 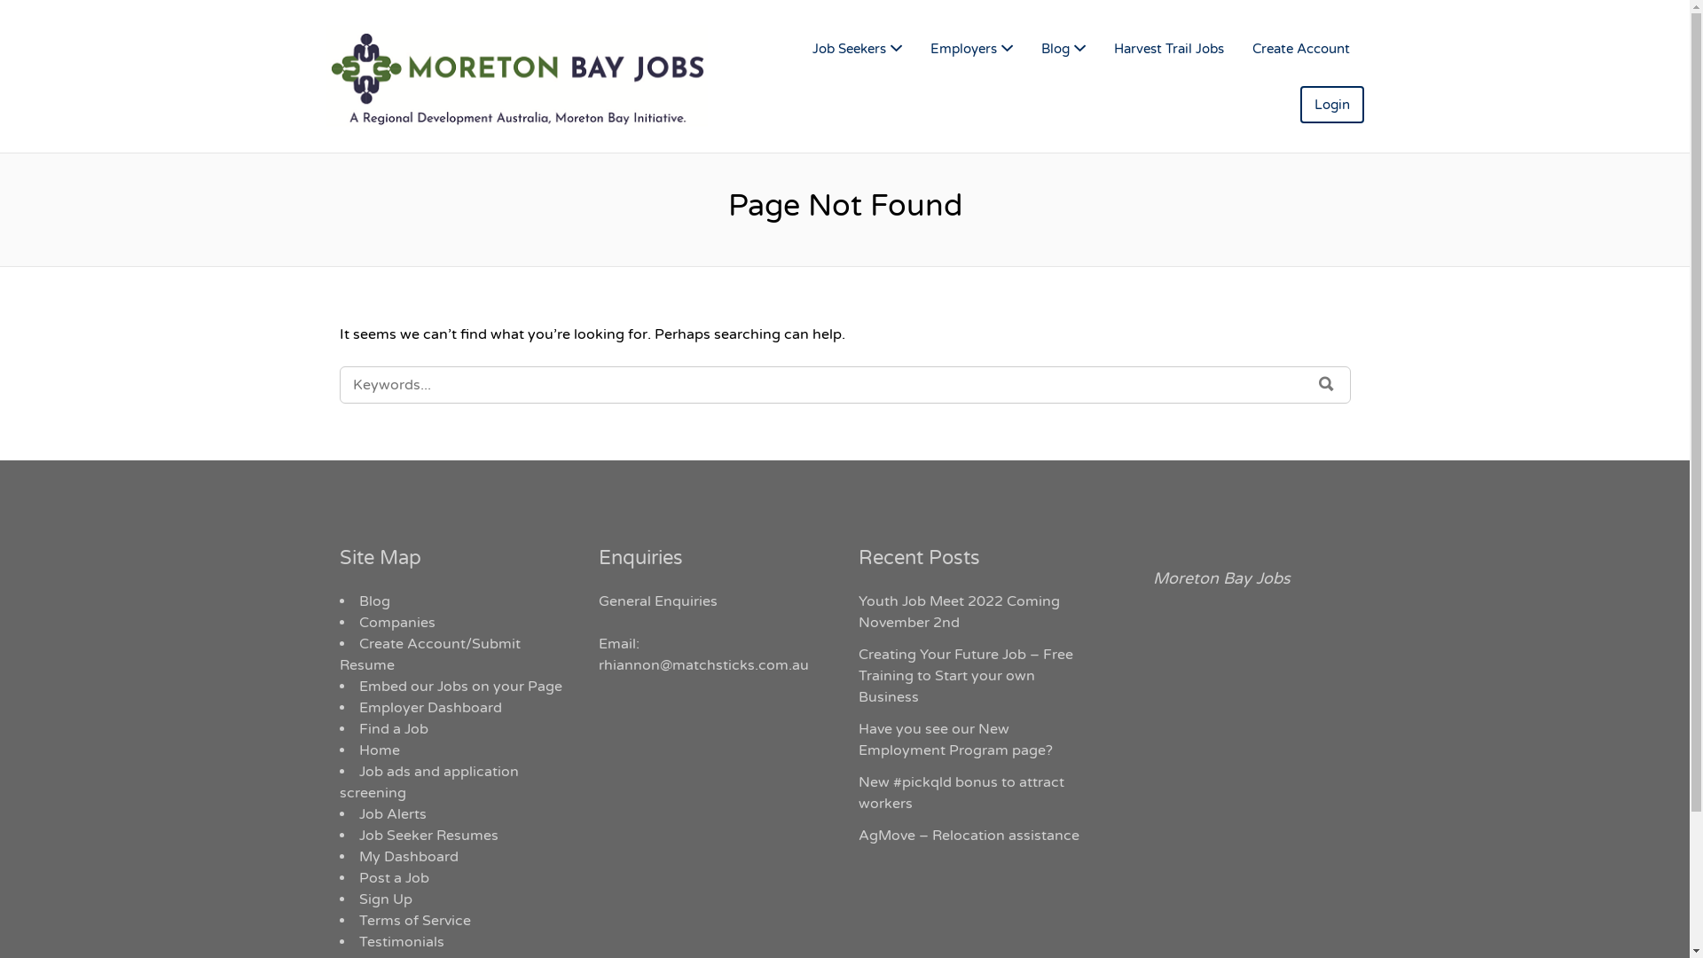 I want to click on 'Testimonials', so click(x=399, y=940).